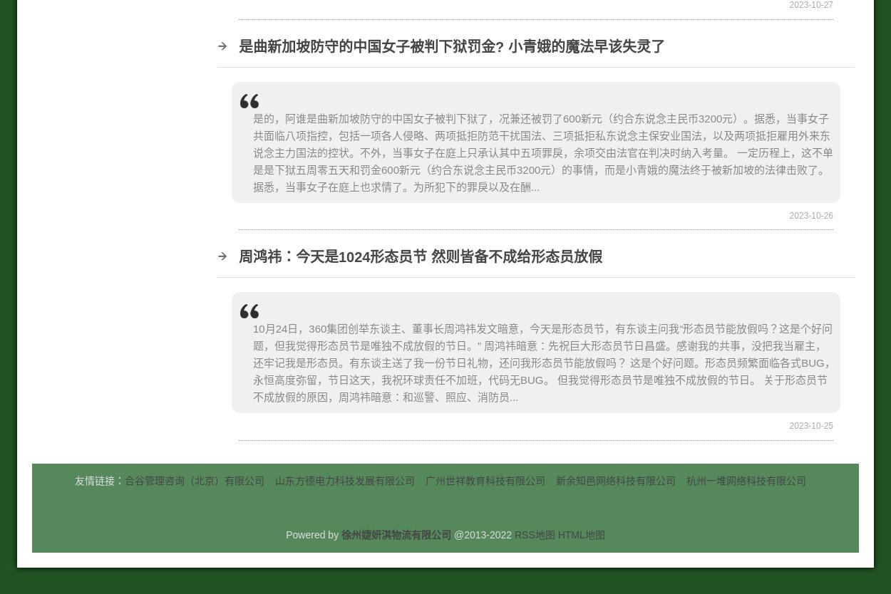  Describe the element at coordinates (544, 362) in the screenshot. I see `'10月24日，360集团创举东谈主、董事长周鸿祎发文暗意，今天是形态员节，有东谈主问我“形态员节能放假吗？这是个好问题，但我觉得形态员节是唯独不成放假的节日。” 周鸿祎暗意：先祝巨大形态员节日昌盛。感谢我的共事，没把我当雇主，还牢记我是形态员。有东谈主送了我一份节日礼物，还问我形态员节能放假吗？ 这是个好问题。形态员频繁面临各式BUG，永恒高度弥留，节日这天，我祝环球责任不加班，代码无BUG。 但我觉得形态员节是唯独不成放假的节日。 关于形态员节不成放假的原因，周鸿祎暗意：和巡警、照应、消防员...'` at that location.